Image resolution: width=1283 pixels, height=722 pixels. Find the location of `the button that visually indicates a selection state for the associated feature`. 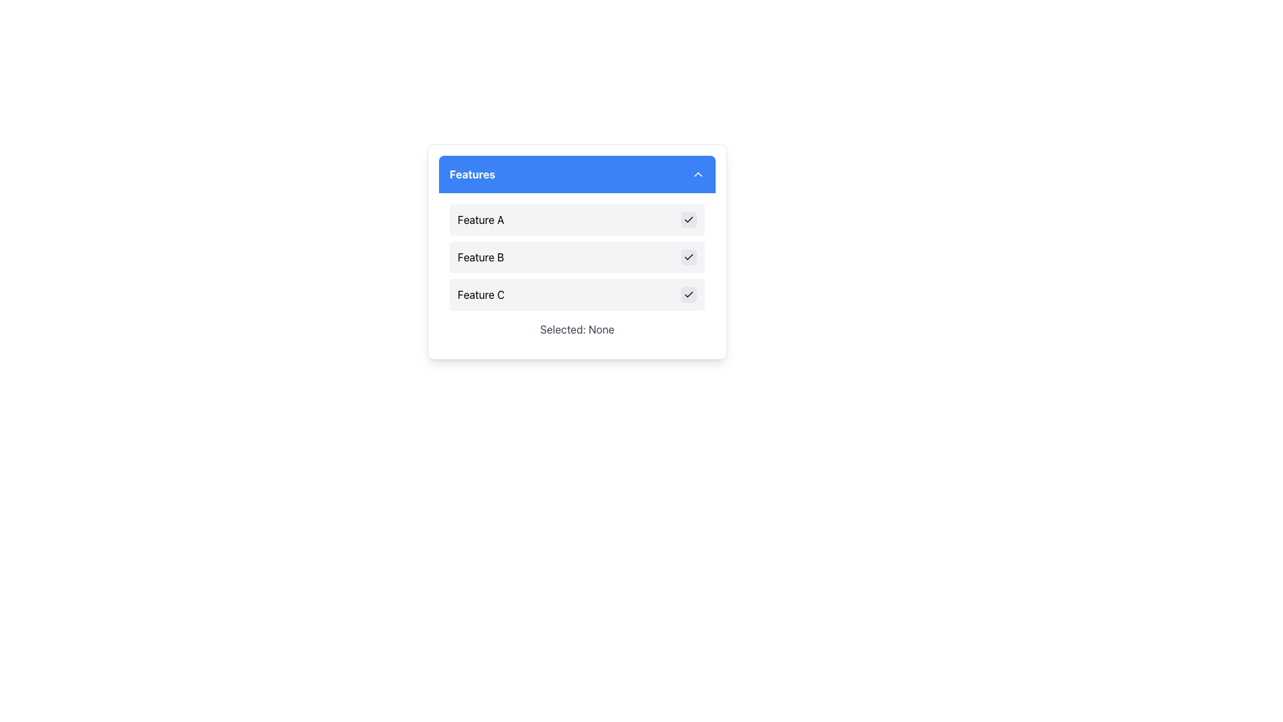

the button that visually indicates a selection state for the associated feature is located at coordinates (689, 293).